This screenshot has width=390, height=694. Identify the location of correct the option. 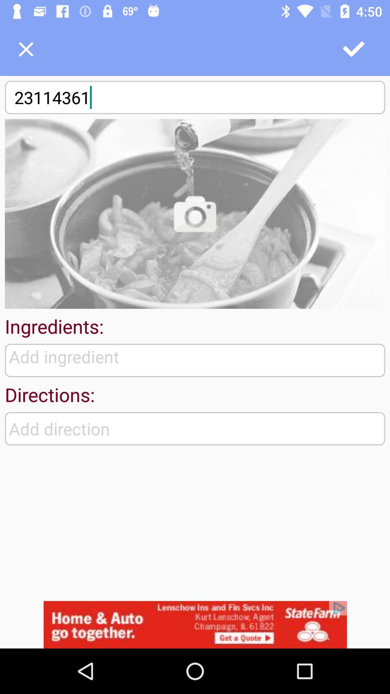
(354, 49).